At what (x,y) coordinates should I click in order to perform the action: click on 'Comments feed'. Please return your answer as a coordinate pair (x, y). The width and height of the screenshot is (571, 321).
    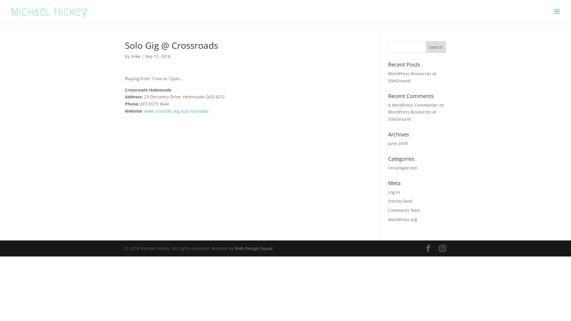
    Looking at the image, I should click on (404, 210).